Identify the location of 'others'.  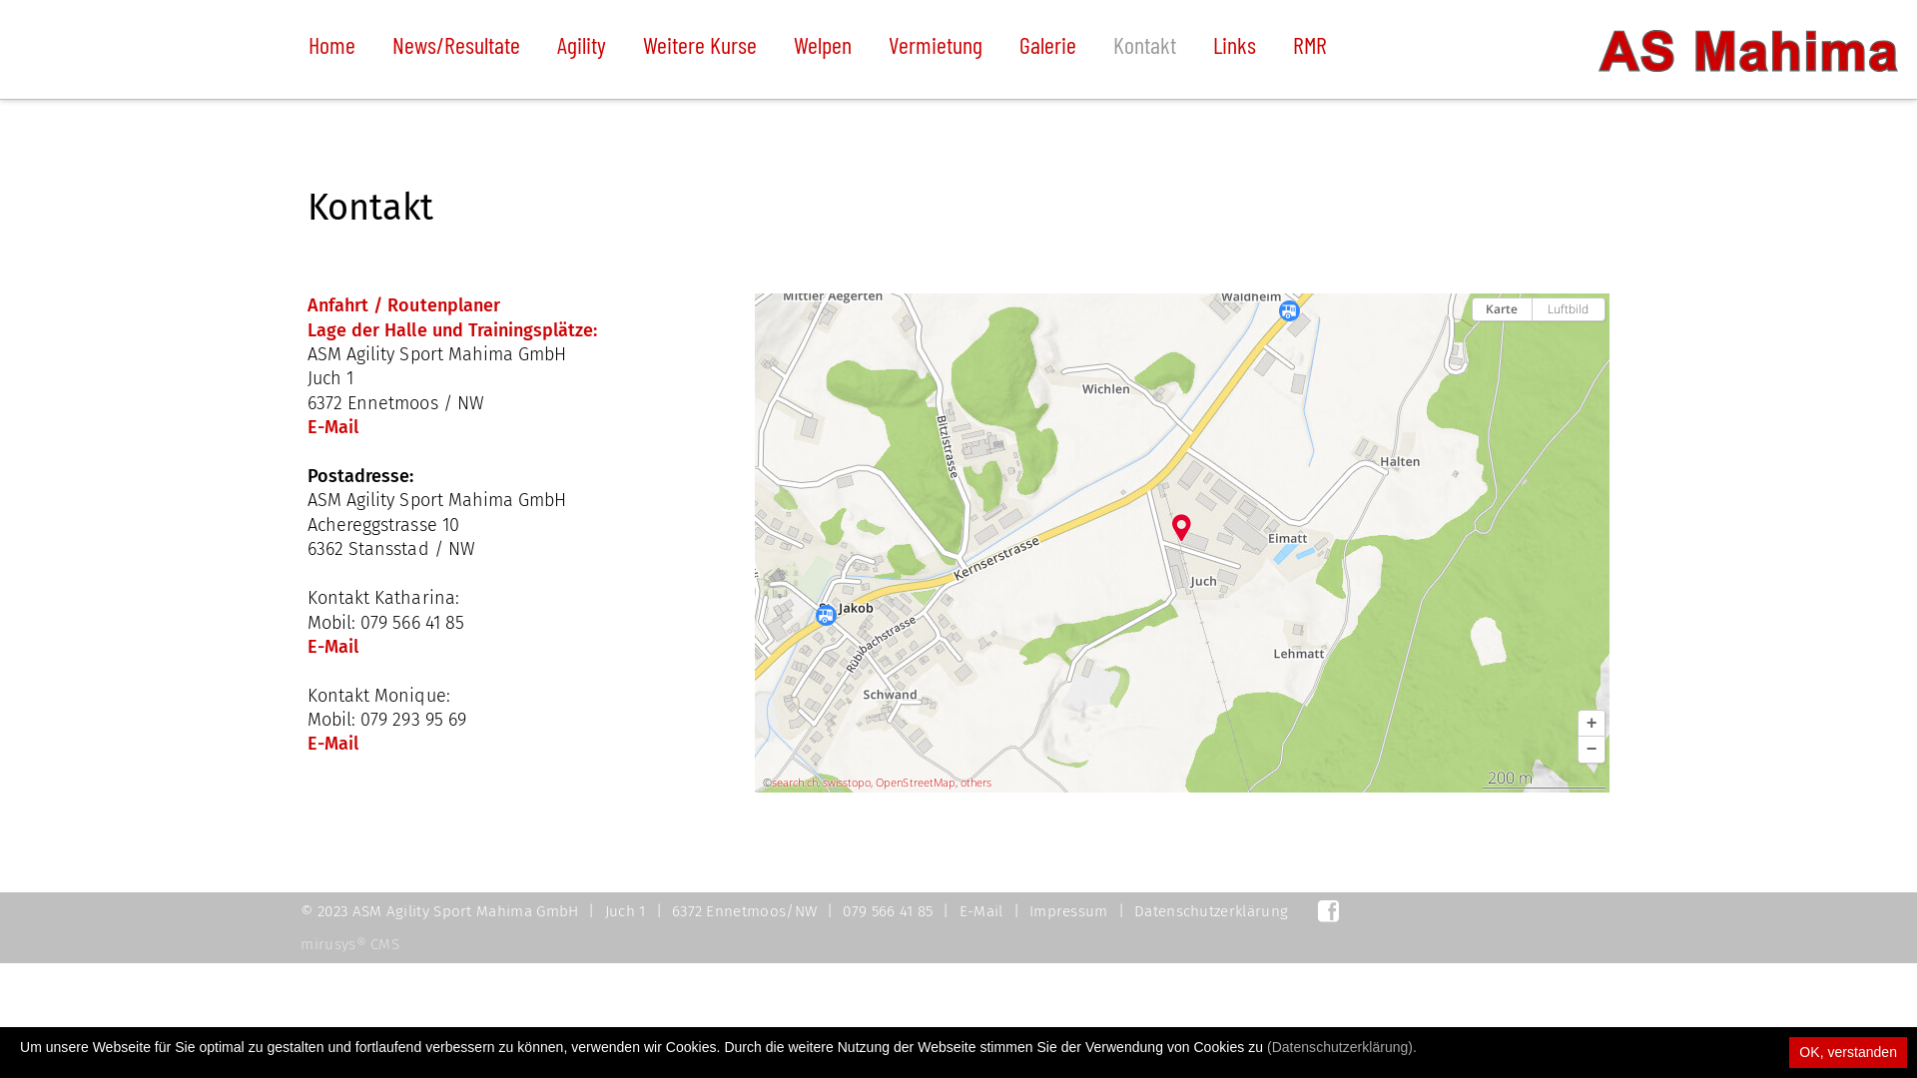
(975, 781).